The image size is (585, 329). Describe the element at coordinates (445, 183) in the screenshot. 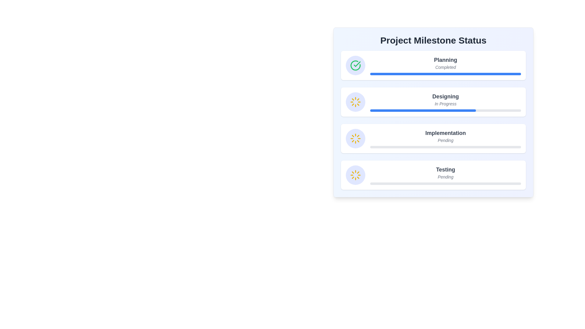

I see `the horizontal progress bar styled as a thin rectangle with rounded edges, located below the text 'Testing' and 'Pending', and is the fourth progress bar in the list` at that location.